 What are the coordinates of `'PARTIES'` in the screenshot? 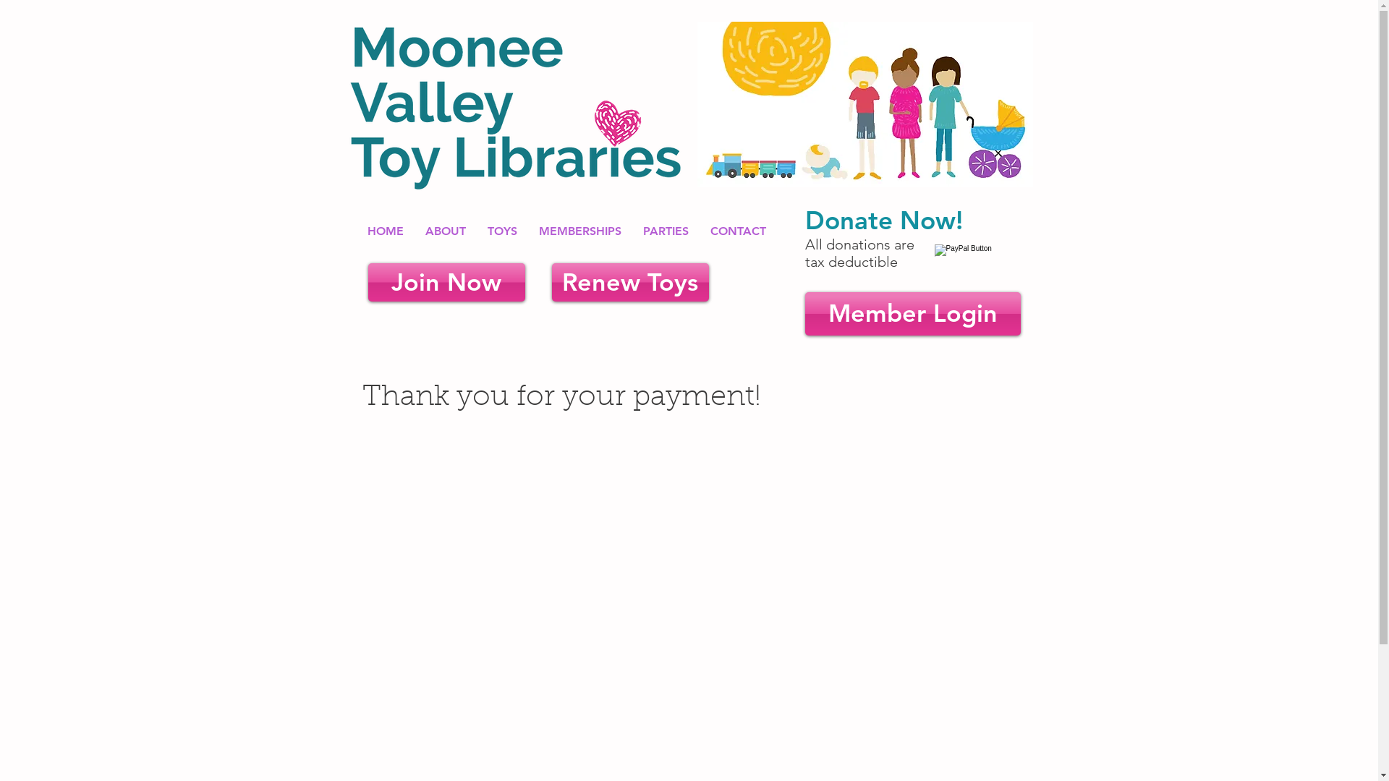 It's located at (665, 230).